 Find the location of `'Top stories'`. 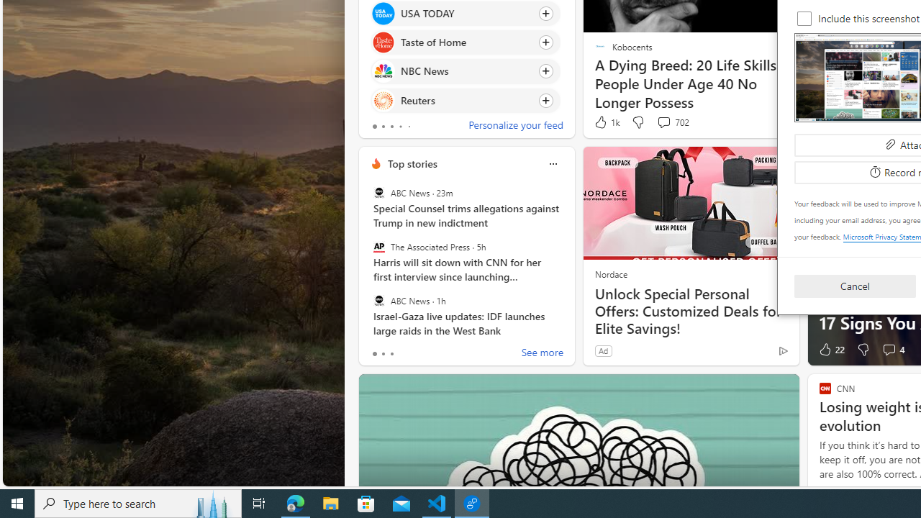

'Top stories' is located at coordinates (411, 163).